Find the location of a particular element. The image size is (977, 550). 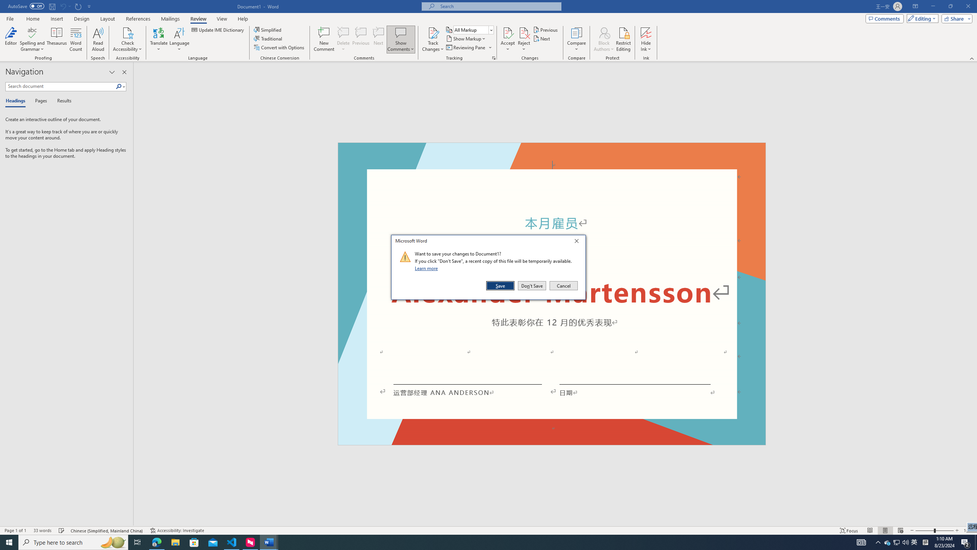

'Save' is located at coordinates (501, 285).